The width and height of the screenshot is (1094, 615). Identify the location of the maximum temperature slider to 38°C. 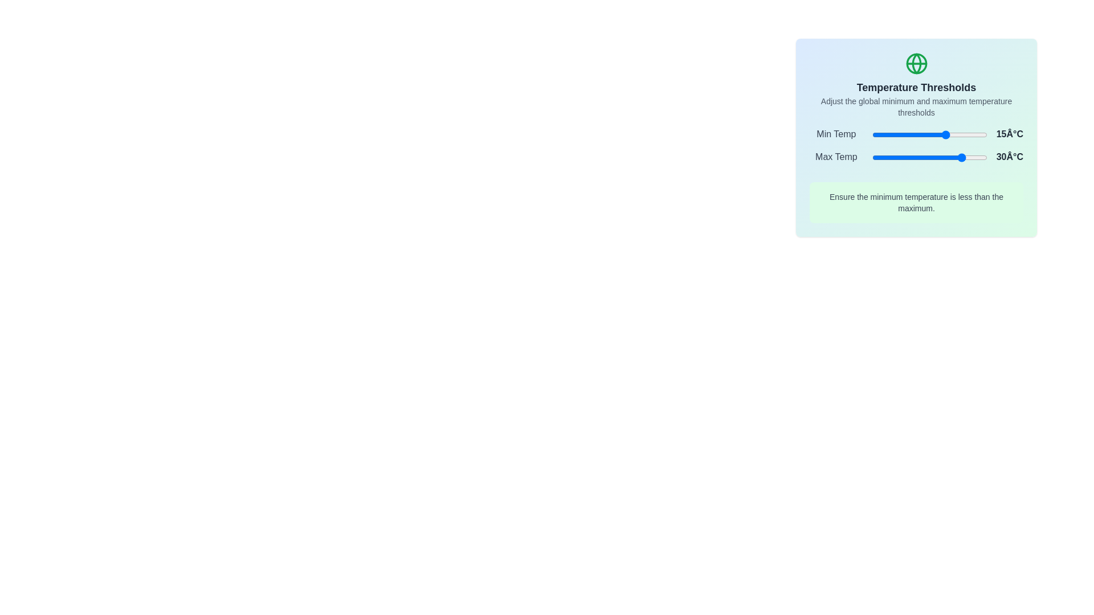
(973, 158).